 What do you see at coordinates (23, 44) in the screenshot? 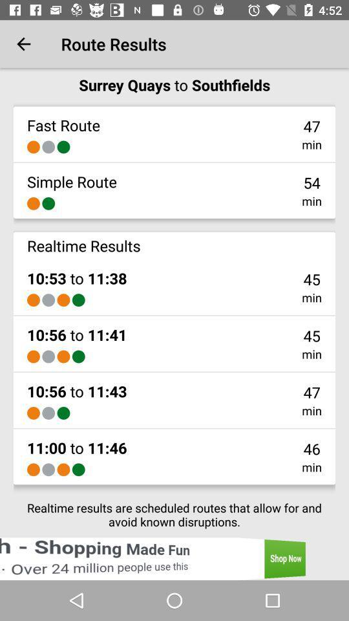
I see `the icon to the left of route results` at bounding box center [23, 44].